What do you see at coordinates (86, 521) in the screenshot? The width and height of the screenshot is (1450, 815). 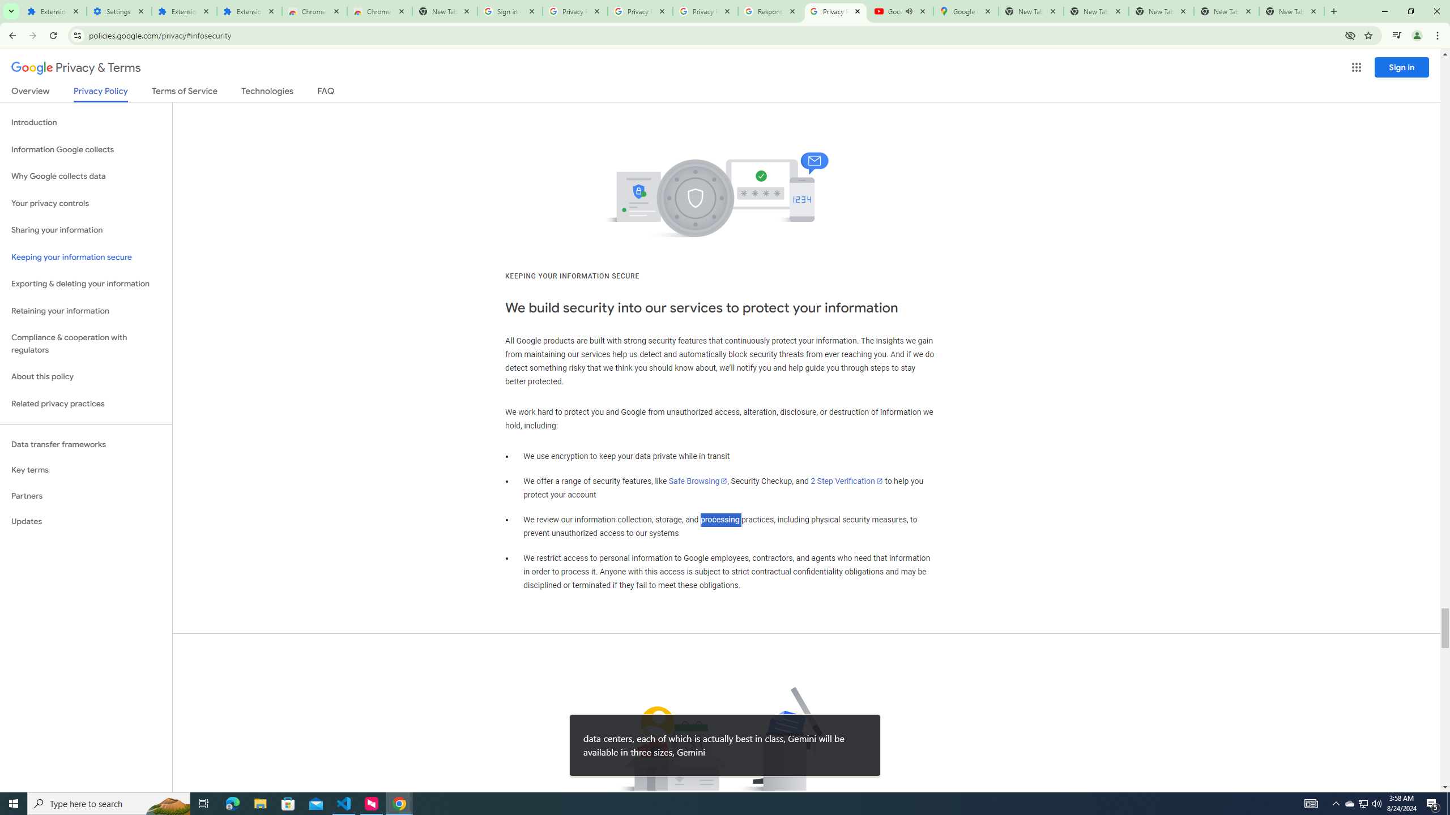 I see `'Updates'` at bounding box center [86, 521].